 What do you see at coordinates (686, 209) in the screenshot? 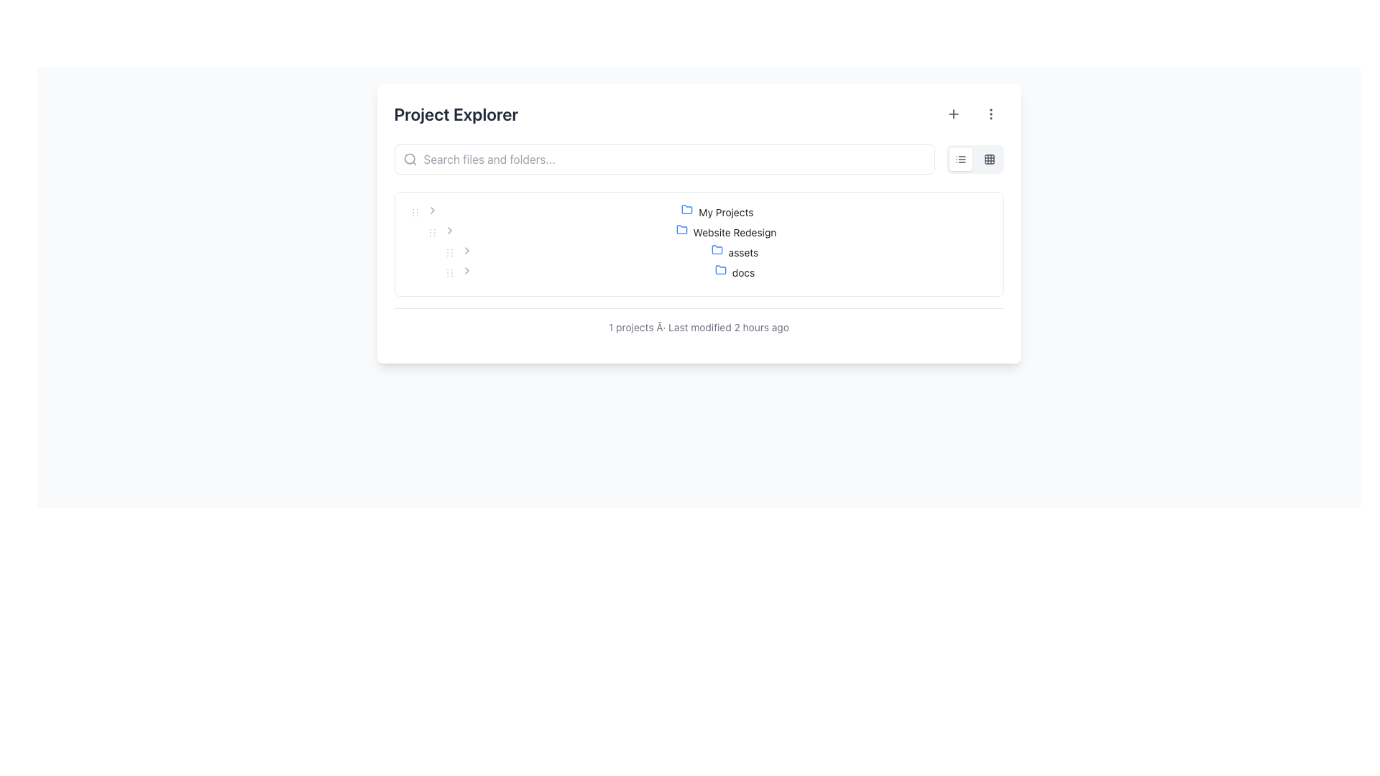
I see `the folder icon indicating 'My Projects'` at bounding box center [686, 209].